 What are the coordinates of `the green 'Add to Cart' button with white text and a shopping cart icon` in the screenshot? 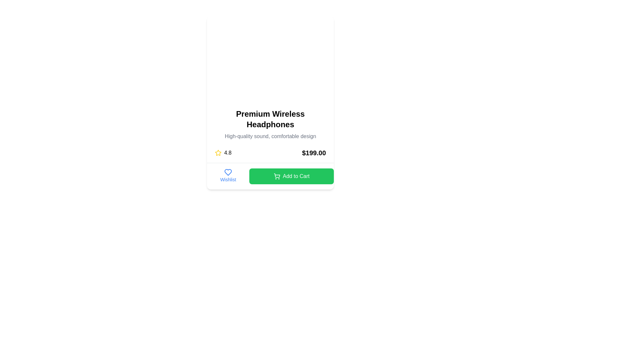 It's located at (291, 176).